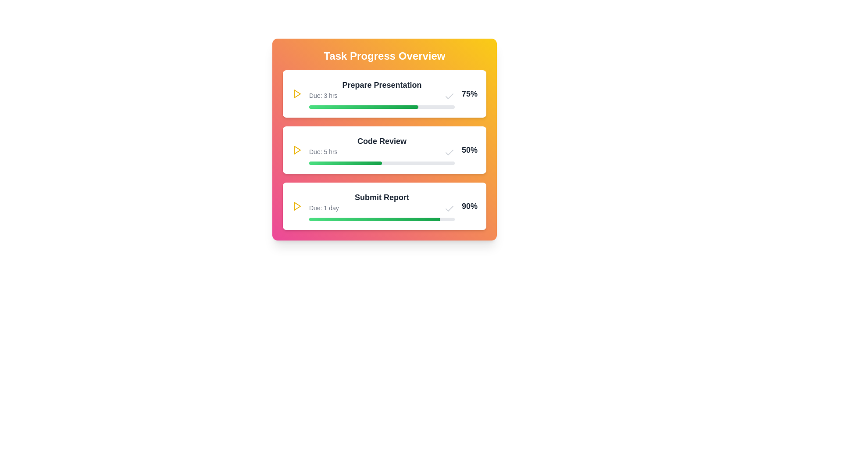 The width and height of the screenshot is (842, 474). I want to click on the green-shaded progress bar located in the second task card labeled 'Code Review', positioned below the text 'Due: 5 hrs', so click(345, 163).